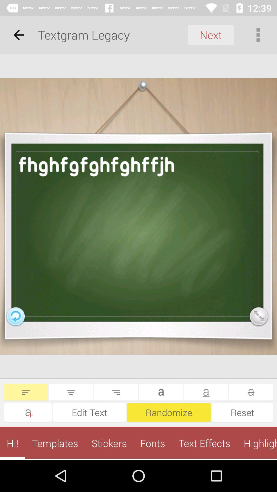  Describe the element at coordinates (258, 35) in the screenshot. I see `icon next to next` at that location.